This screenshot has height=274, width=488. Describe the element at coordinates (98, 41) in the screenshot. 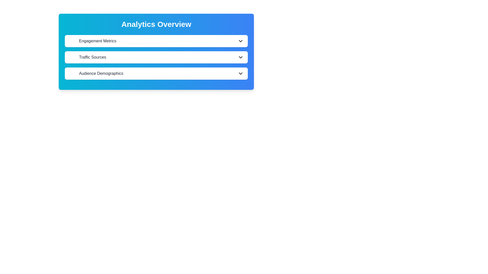

I see `the static text label 'Engagement Metrics', which is styled with medium-sized gray font and located in the uppermost row of a vertically stacked layout under 'Analytics Overview'` at that location.